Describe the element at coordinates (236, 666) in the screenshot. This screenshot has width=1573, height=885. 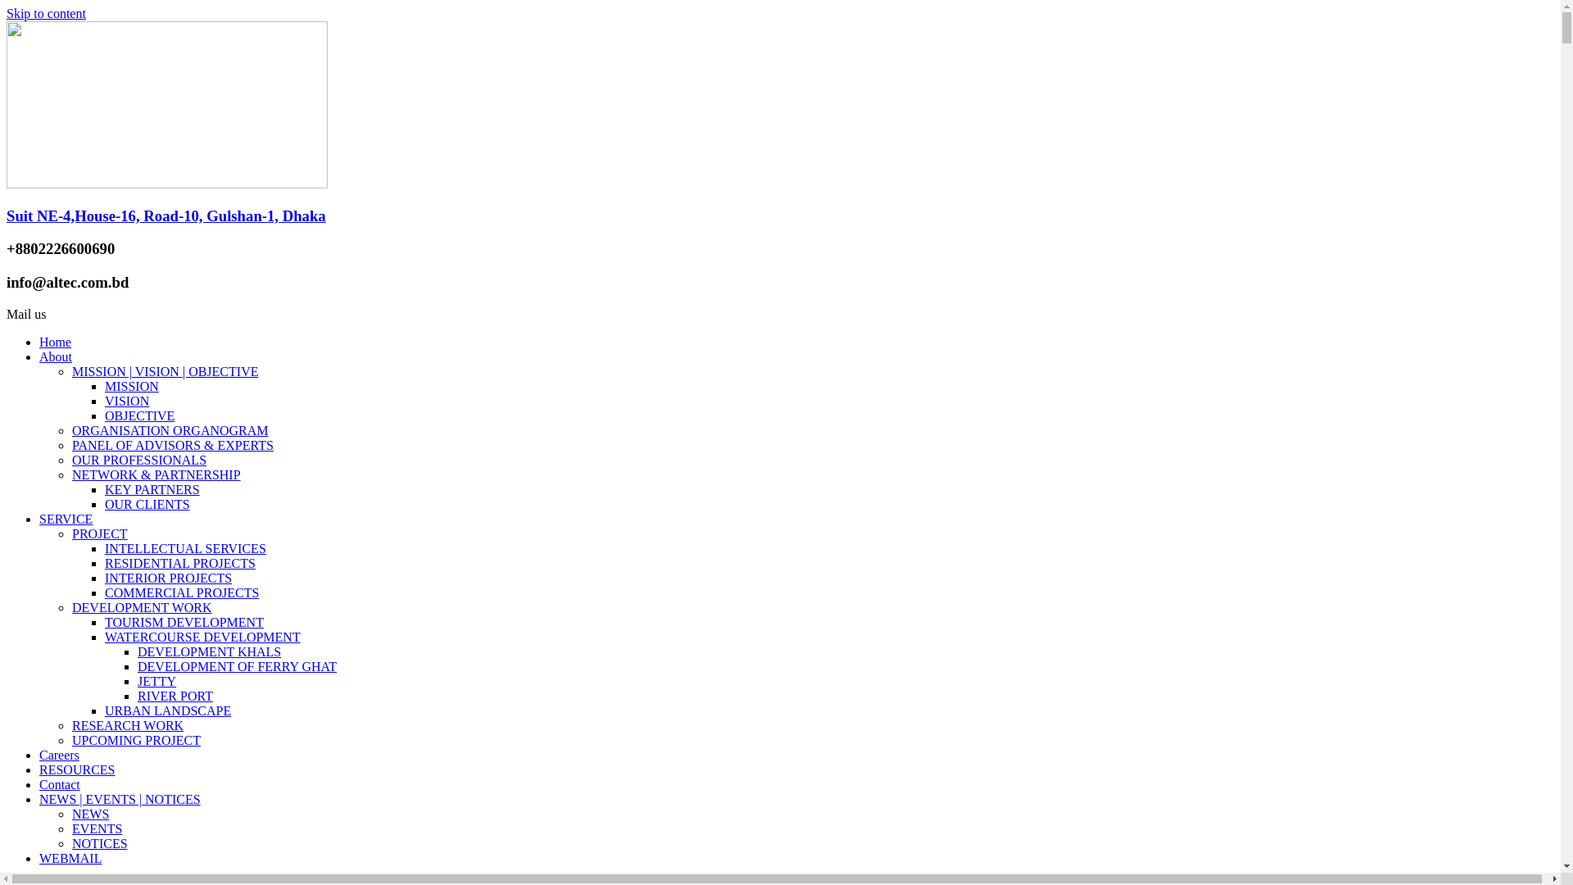
I see `'DEVELOPMENT OF FERRY GHAT'` at that location.